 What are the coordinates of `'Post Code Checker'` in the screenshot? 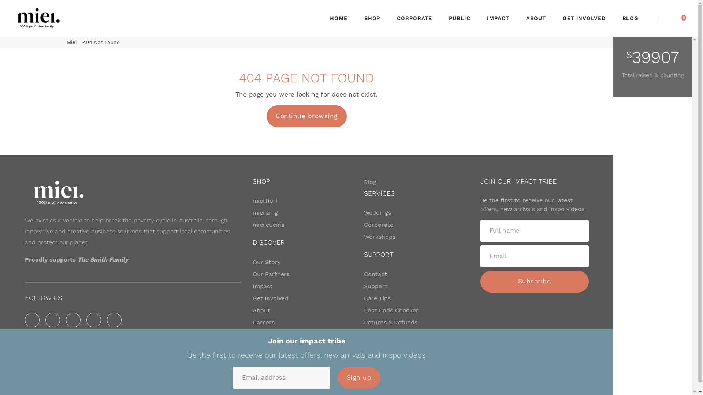 It's located at (364, 310).